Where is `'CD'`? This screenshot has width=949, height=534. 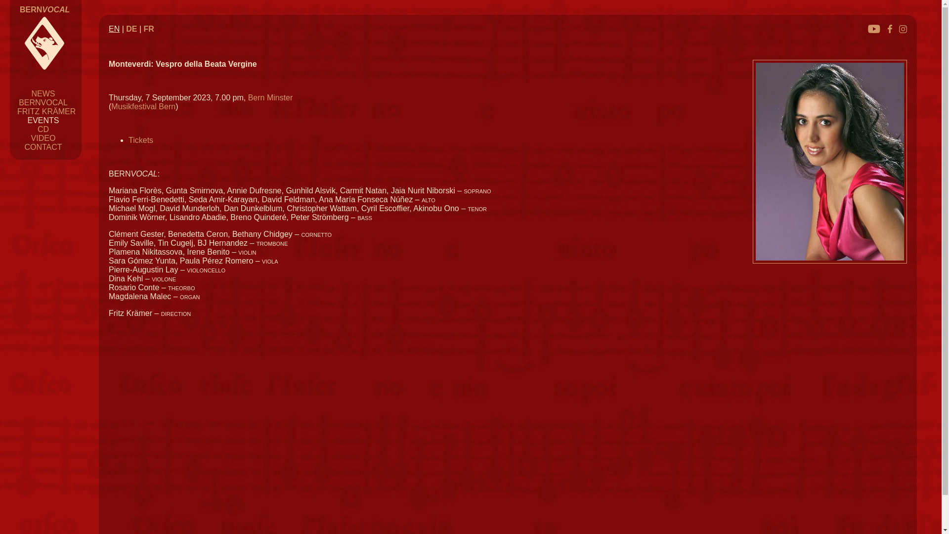 'CD' is located at coordinates (38, 129).